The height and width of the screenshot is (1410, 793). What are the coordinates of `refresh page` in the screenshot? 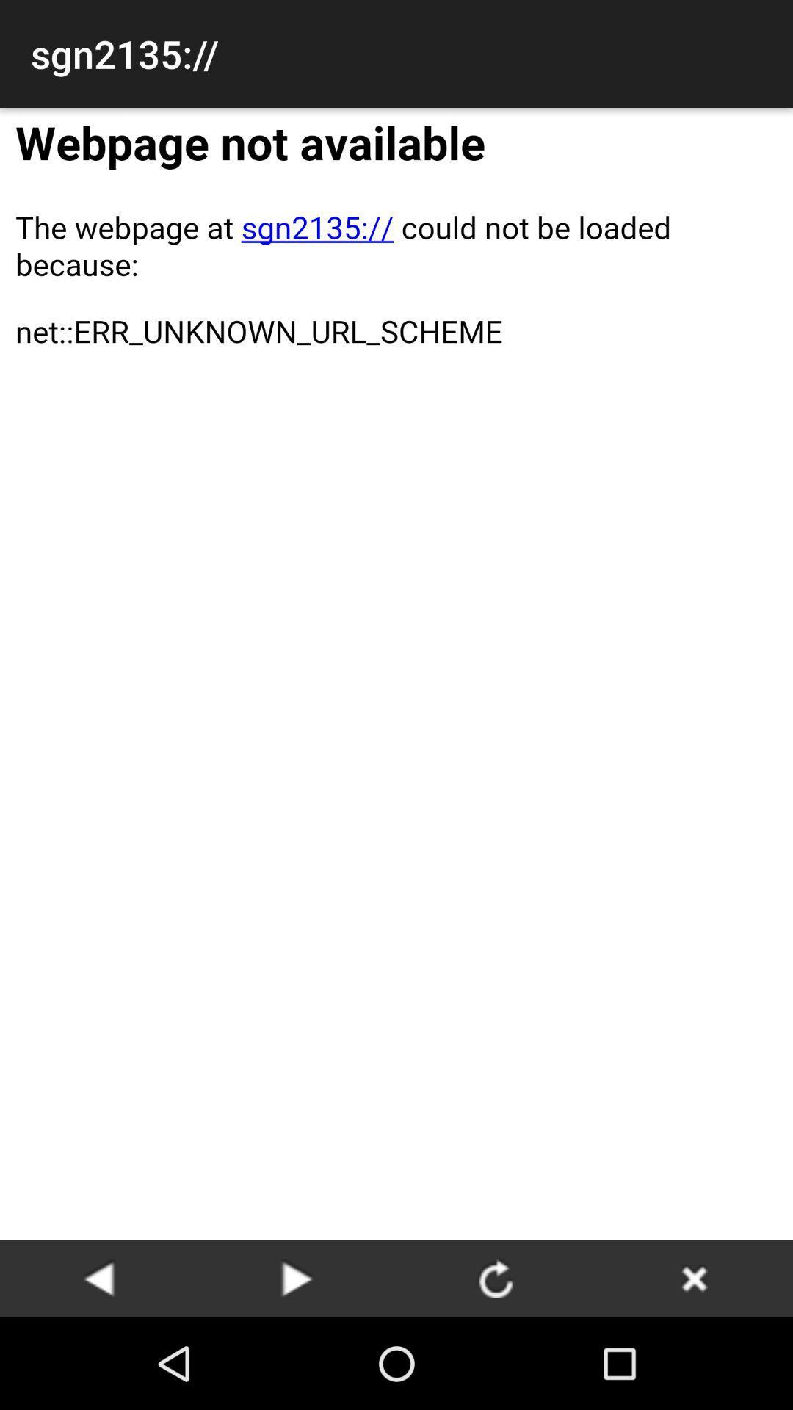 It's located at (496, 1278).